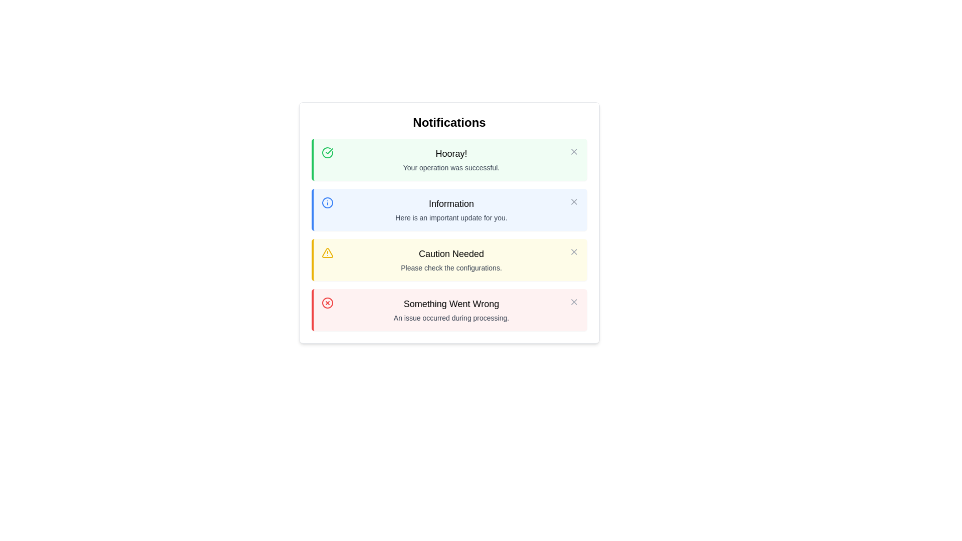 Image resolution: width=962 pixels, height=541 pixels. What do you see at coordinates (451, 267) in the screenshot?
I see `the line of text reading 'Please check the configurations.' which is styled in a small, gray font and positioned below the title 'Caution Needed' within a yellow notification card` at bounding box center [451, 267].